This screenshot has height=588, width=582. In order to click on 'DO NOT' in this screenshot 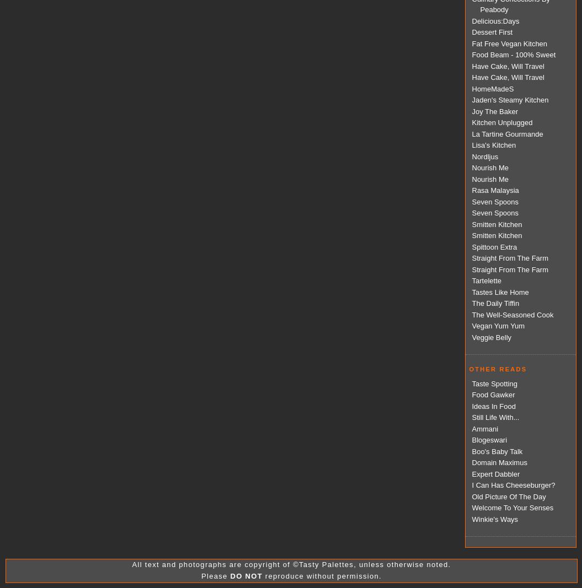, I will do `click(247, 576)`.